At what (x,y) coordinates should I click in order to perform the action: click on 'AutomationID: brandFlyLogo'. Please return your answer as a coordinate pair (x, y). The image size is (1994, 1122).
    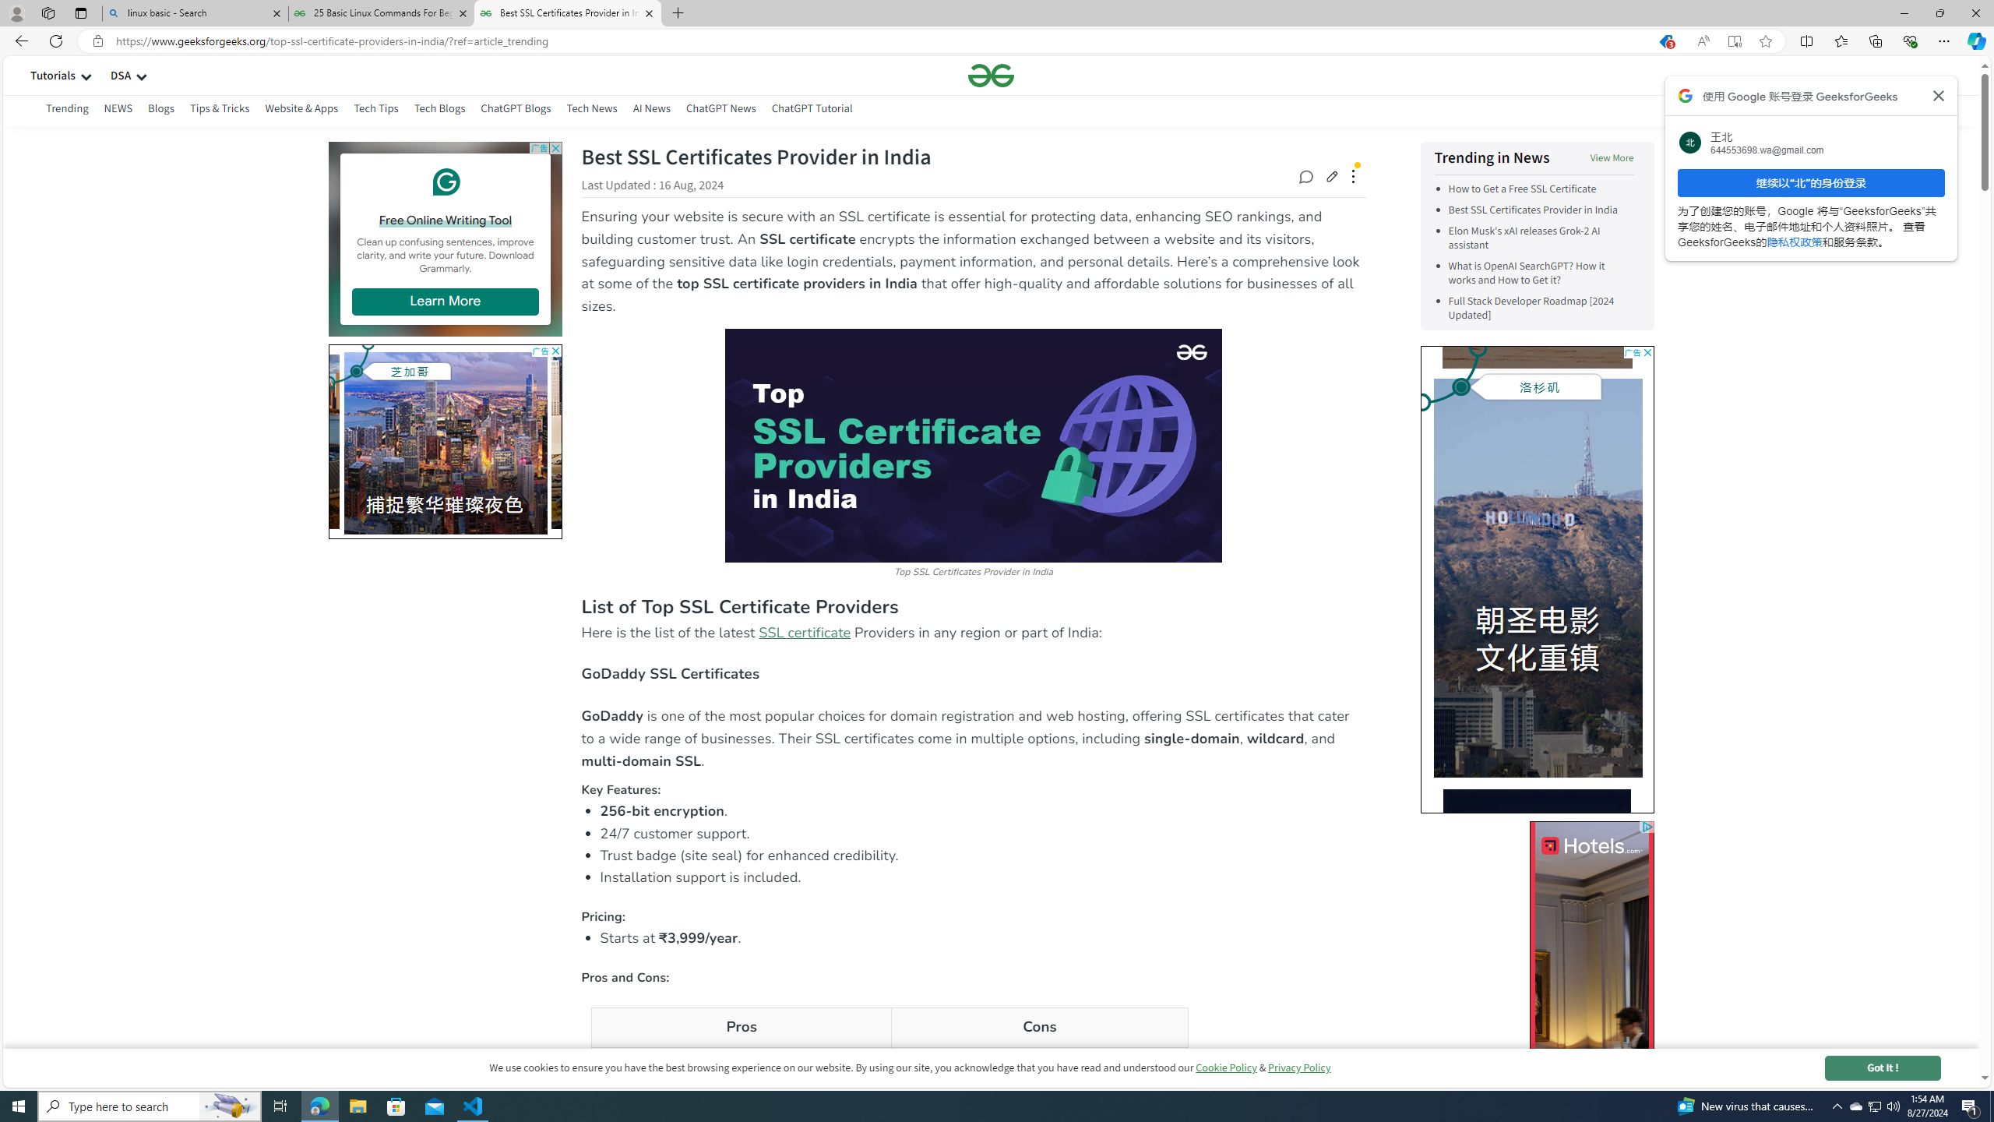
    Looking at the image, I should click on (1625, 376).